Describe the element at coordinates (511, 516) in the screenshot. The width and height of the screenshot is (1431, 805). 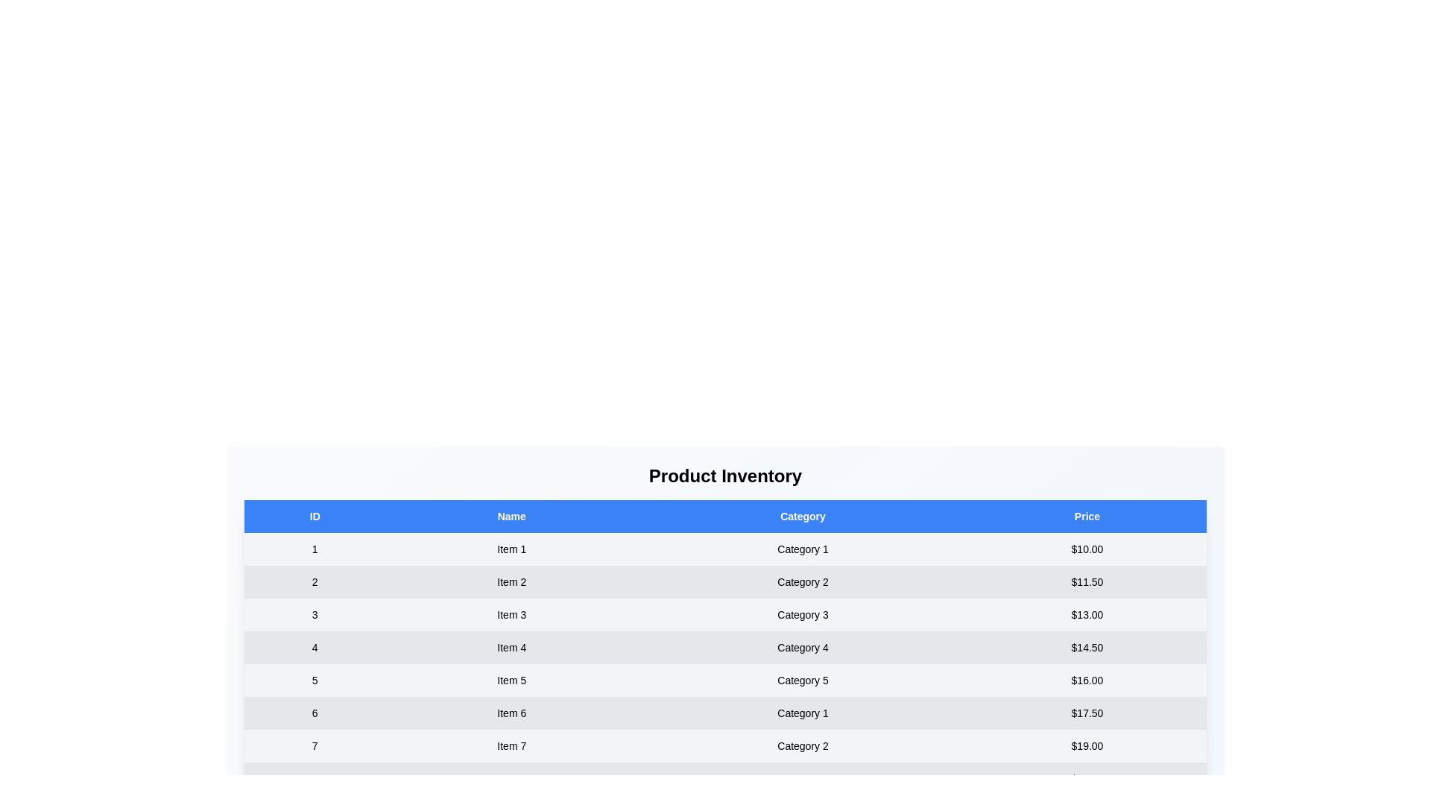
I see `the column header to sort by Name` at that location.